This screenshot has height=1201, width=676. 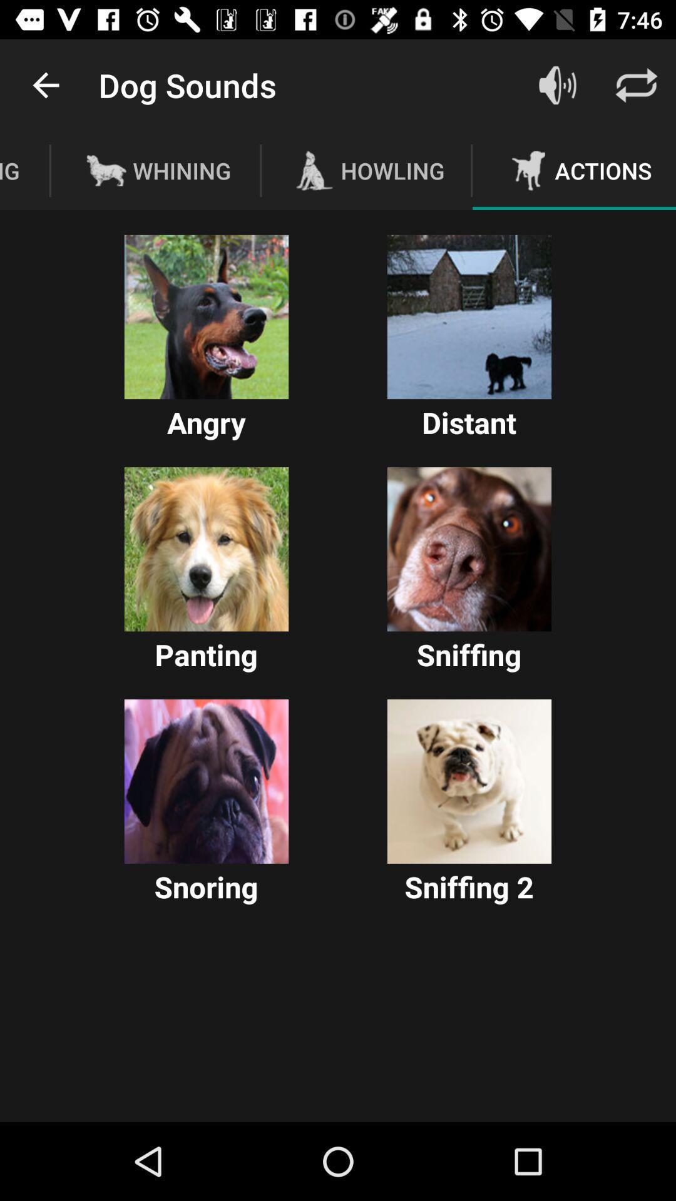 I want to click on enable option, so click(x=469, y=317).